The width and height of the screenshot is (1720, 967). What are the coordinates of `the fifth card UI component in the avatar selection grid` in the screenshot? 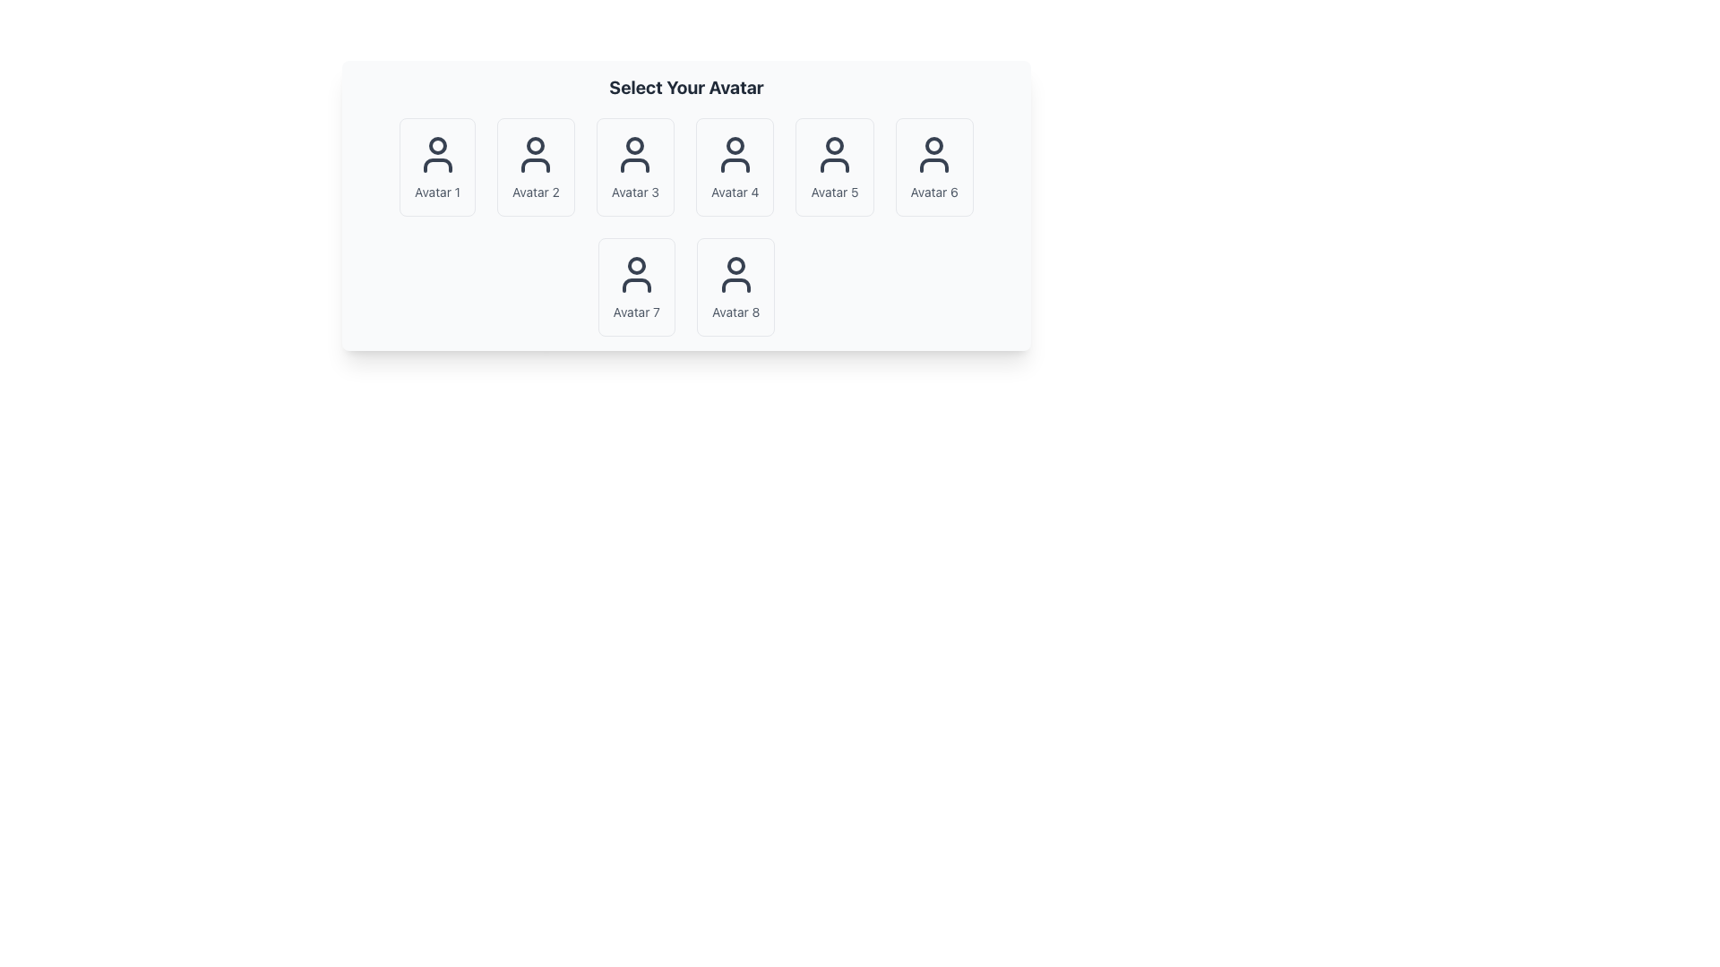 It's located at (833, 167).